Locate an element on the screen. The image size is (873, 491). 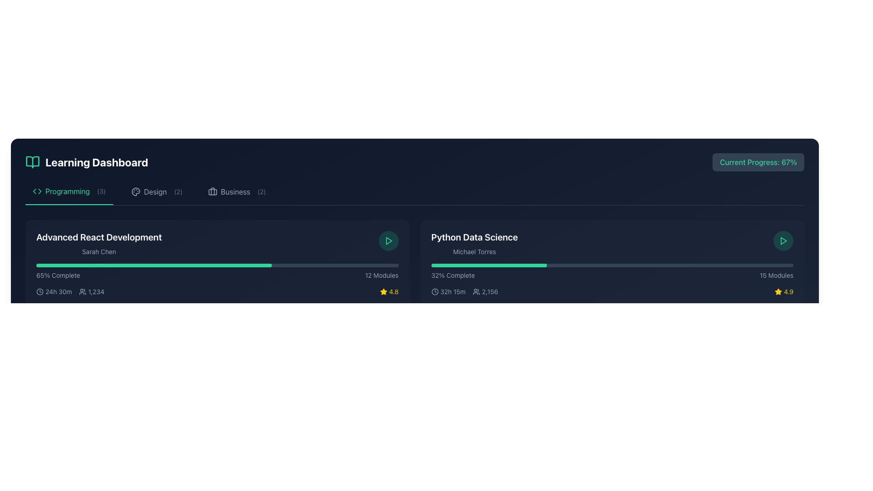
the play icon on the course overview card located at the second position in the grid layout is located at coordinates (612, 263).